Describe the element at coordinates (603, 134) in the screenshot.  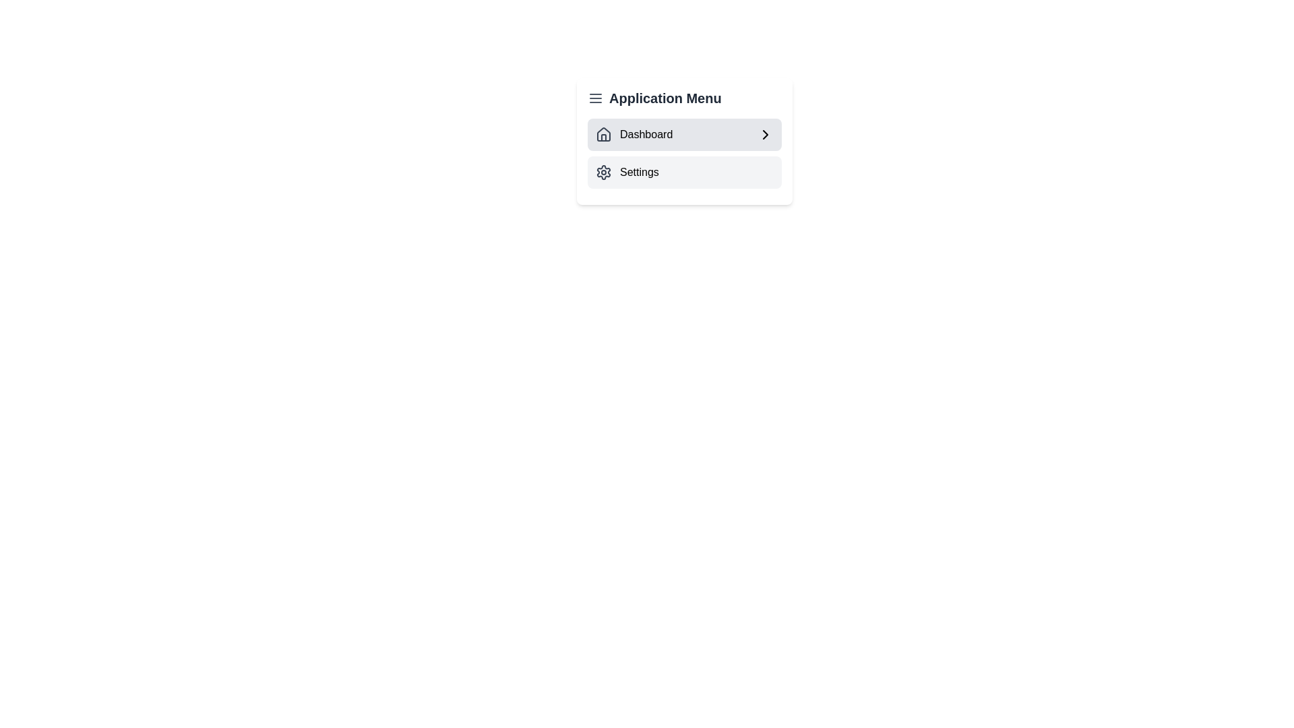
I see `the icon located` at that location.